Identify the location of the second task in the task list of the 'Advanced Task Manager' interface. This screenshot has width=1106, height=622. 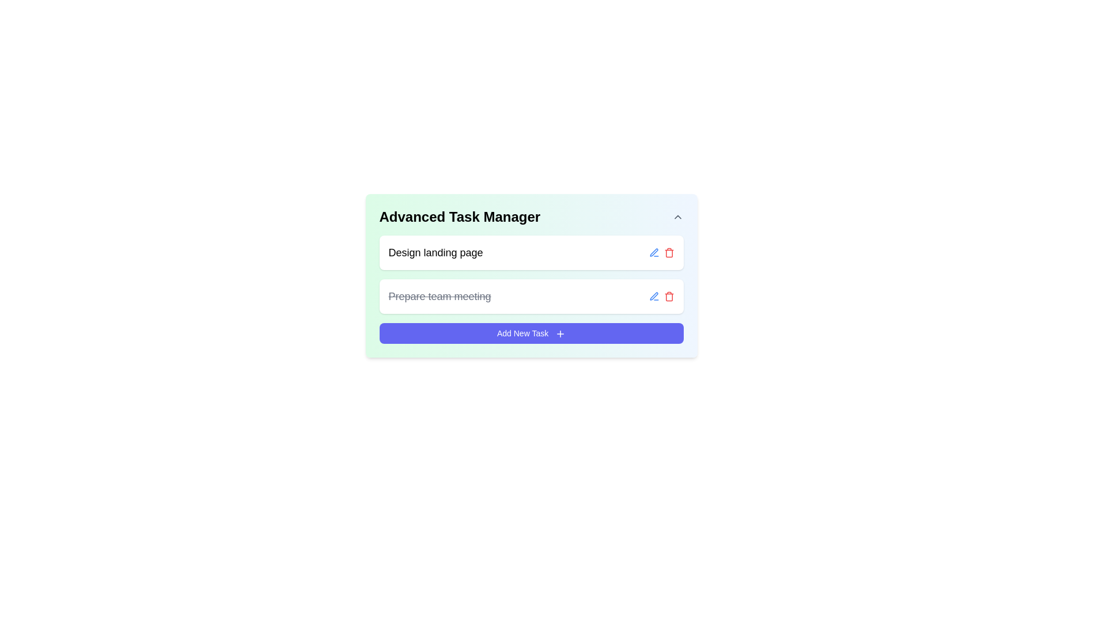
(531, 296).